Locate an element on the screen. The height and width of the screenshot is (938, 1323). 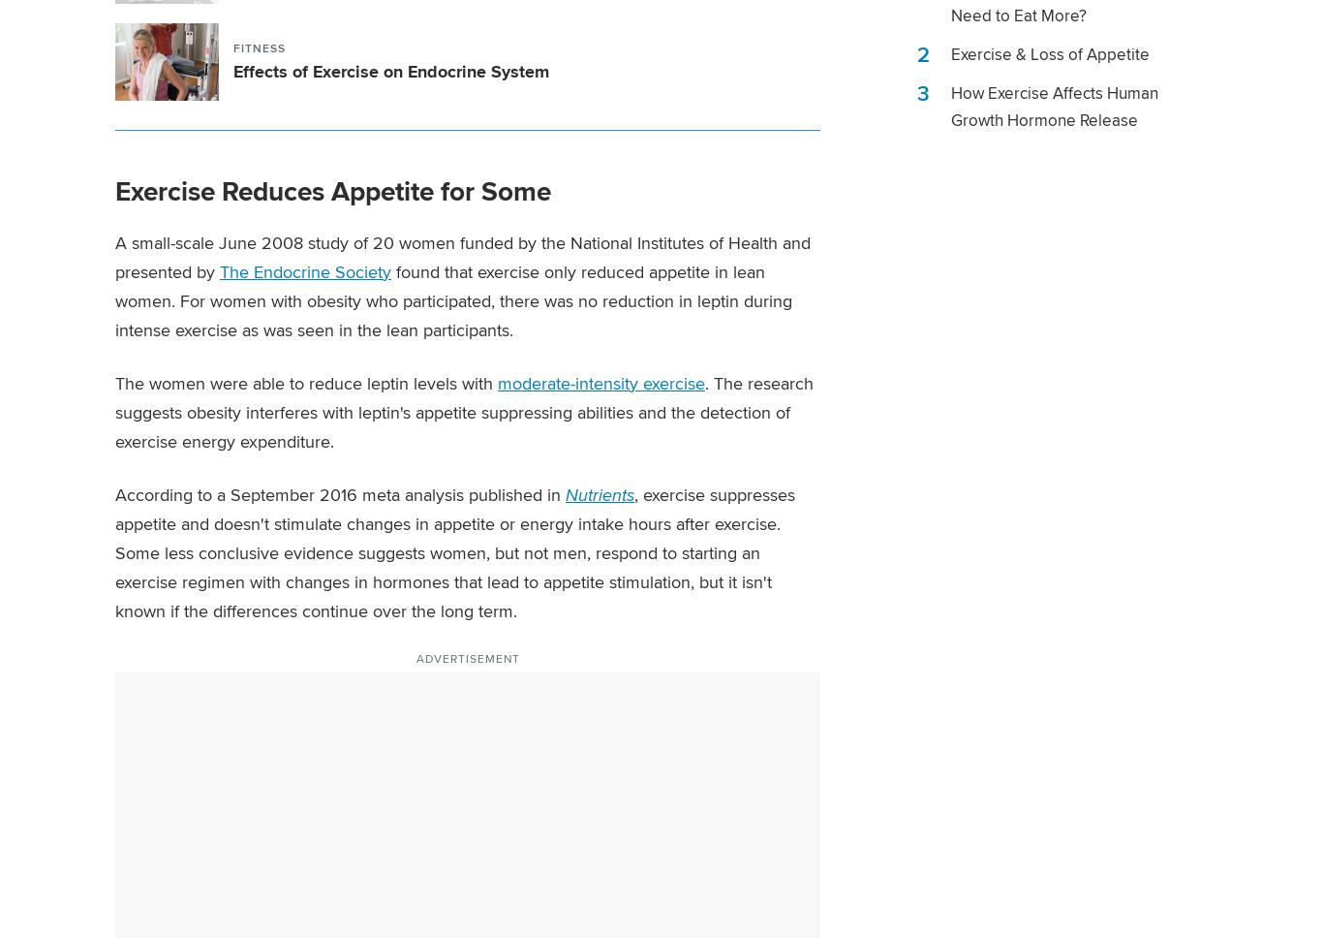
'Nutrients' is located at coordinates (599, 493).